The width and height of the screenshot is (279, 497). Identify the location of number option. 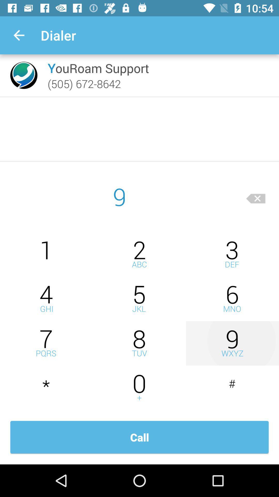
(232, 299).